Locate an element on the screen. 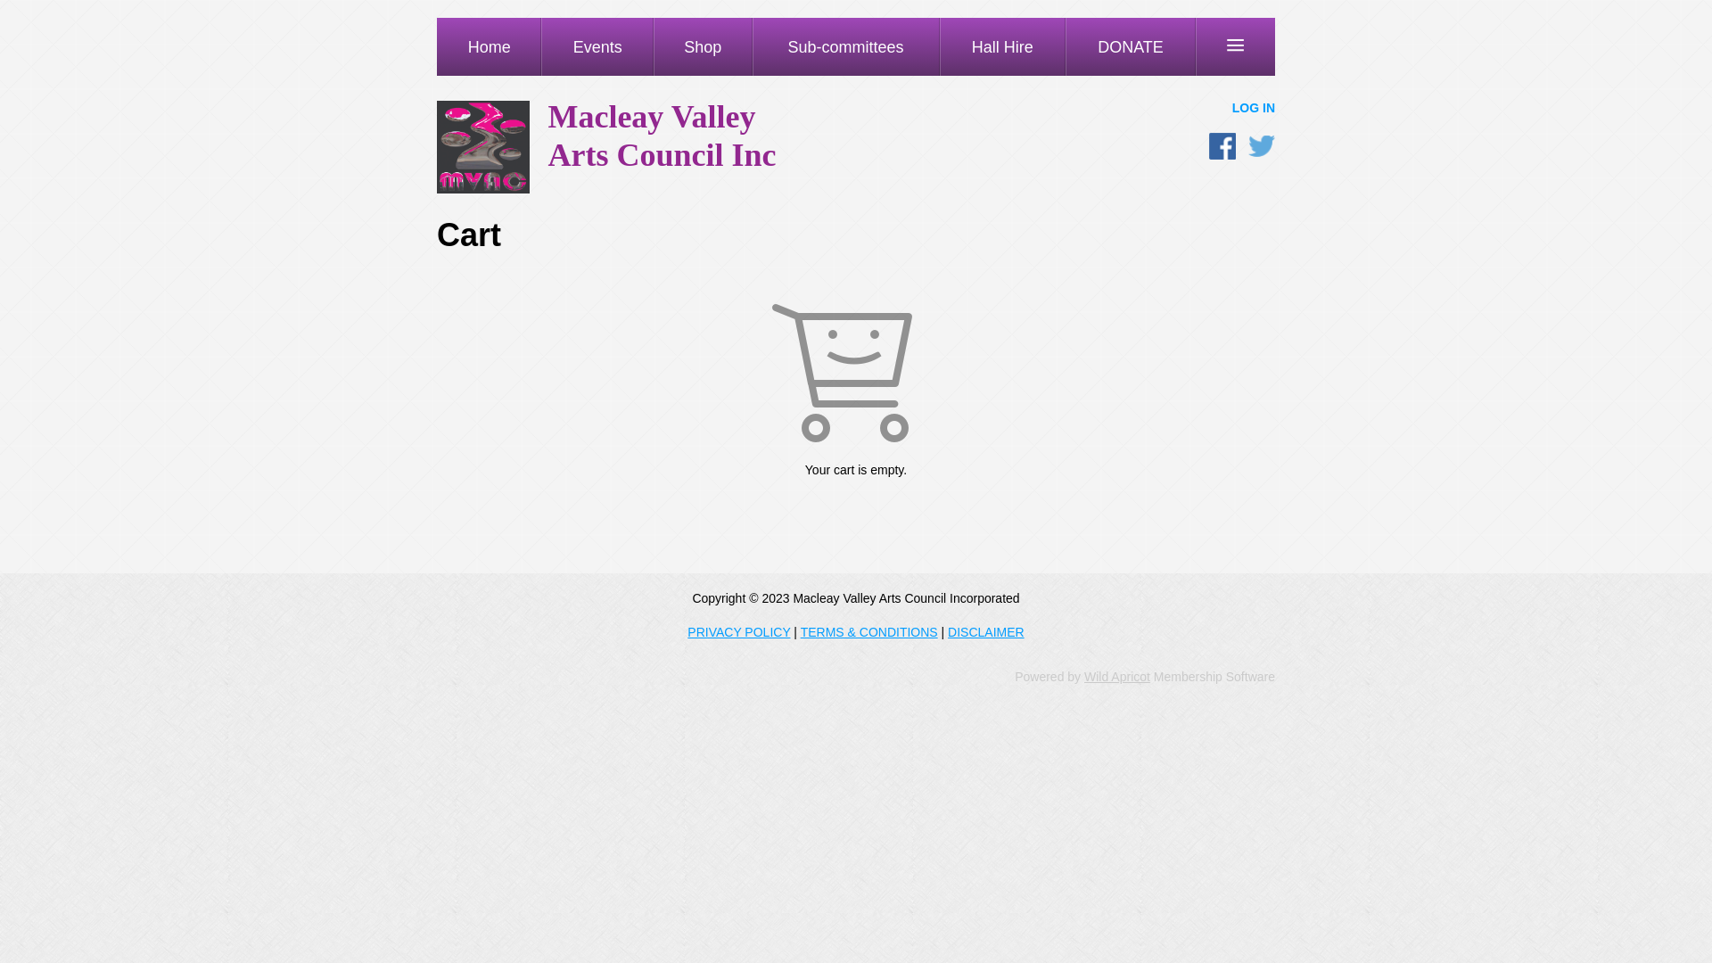 Image resolution: width=1712 pixels, height=963 pixels. 'Wild Apricot' is located at coordinates (1082, 677).